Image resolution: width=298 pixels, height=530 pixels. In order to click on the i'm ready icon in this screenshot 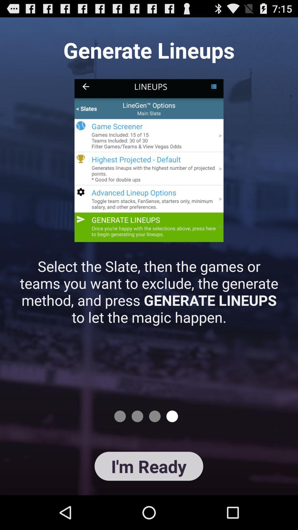, I will do `click(148, 466)`.